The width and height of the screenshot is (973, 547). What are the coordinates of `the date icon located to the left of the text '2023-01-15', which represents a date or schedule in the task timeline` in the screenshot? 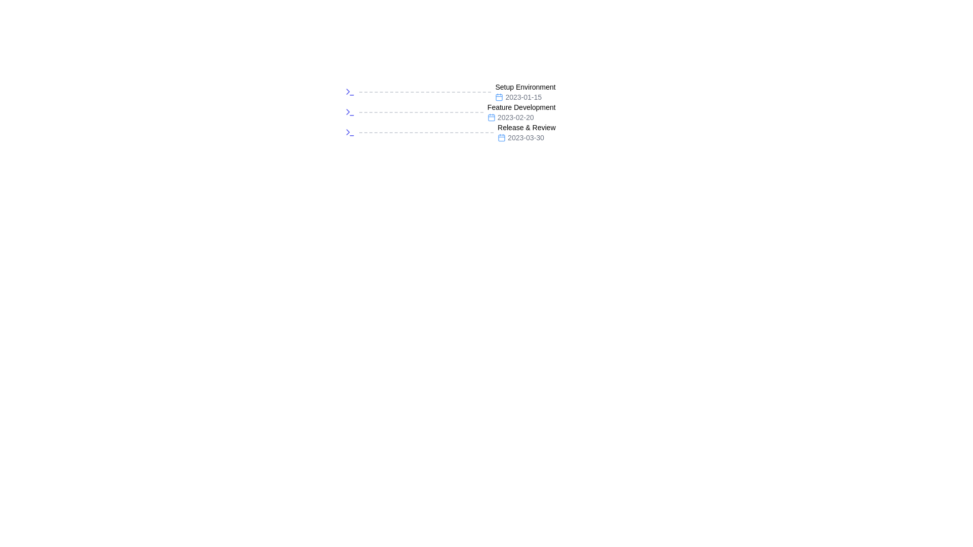 It's located at (499, 97).